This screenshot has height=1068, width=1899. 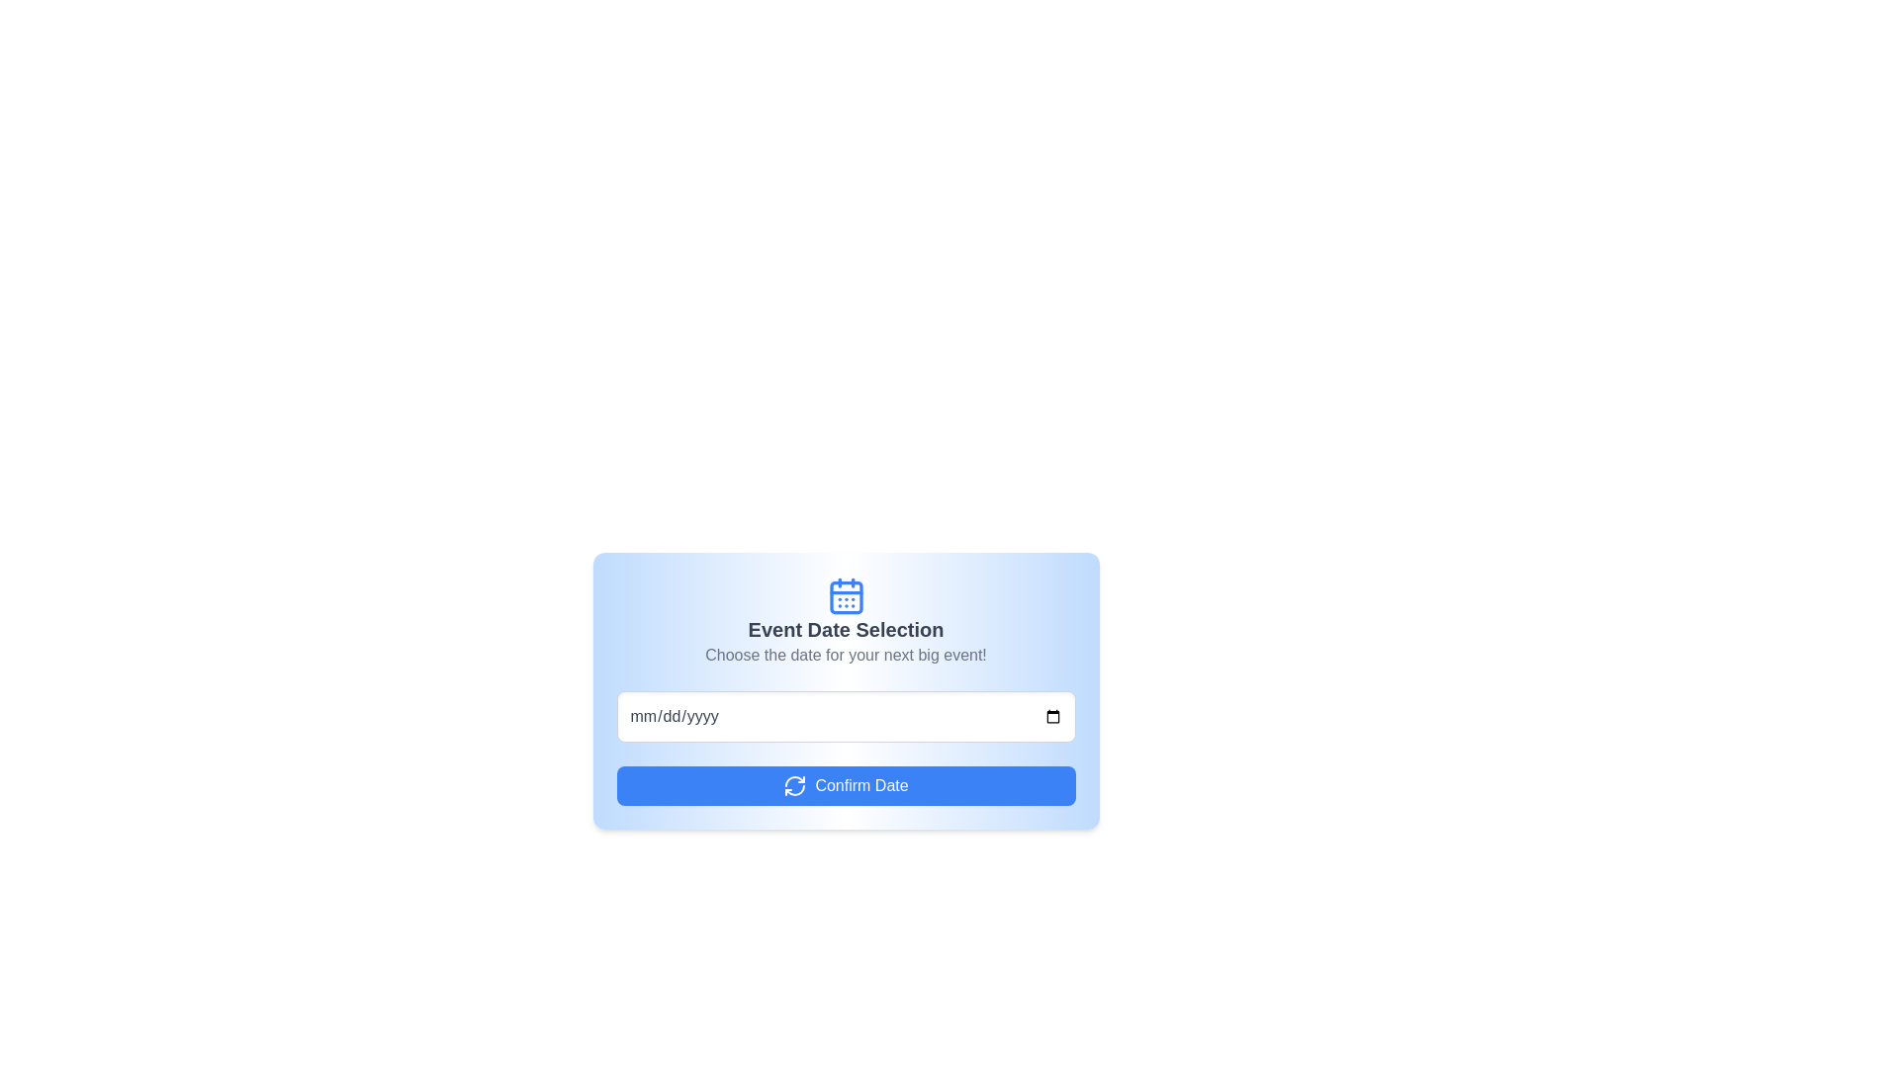 What do you see at coordinates (846, 656) in the screenshot?
I see `the static text displaying 'Choose the date for your next big event!' which is centrally located beneath the heading 'Event Date Selection'` at bounding box center [846, 656].